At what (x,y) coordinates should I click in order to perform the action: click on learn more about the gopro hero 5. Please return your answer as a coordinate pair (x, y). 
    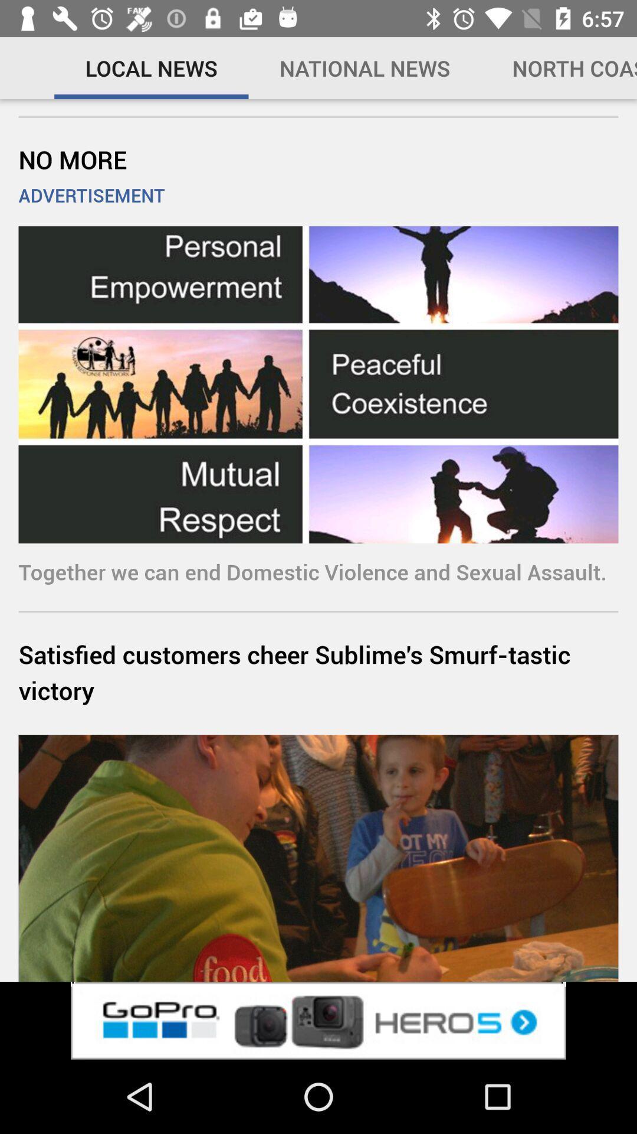
    Looking at the image, I should click on (318, 1020).